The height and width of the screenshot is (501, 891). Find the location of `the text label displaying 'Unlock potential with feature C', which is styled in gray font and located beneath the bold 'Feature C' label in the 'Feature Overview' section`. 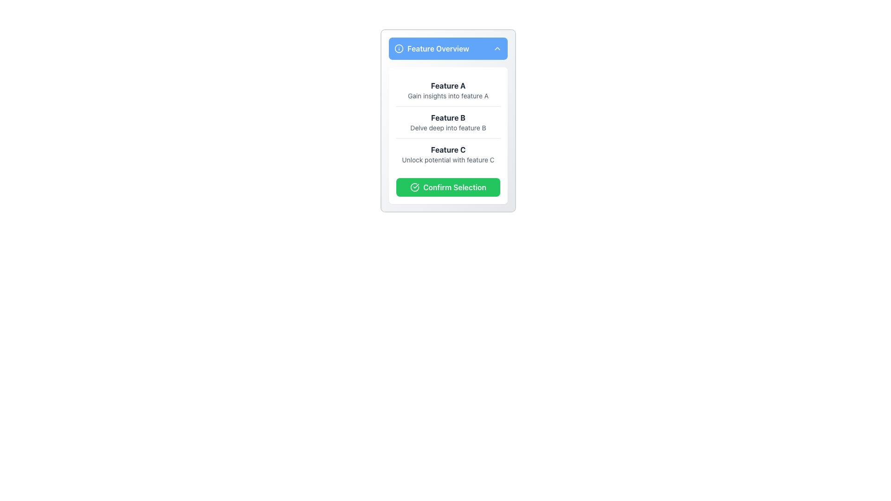

the text label displaying 'Unlock potential with feature C', which is styled in gray font and located beneath the bold 'Feature C' label in the 'Feature Overview' section is located at coordinates (448, 159).